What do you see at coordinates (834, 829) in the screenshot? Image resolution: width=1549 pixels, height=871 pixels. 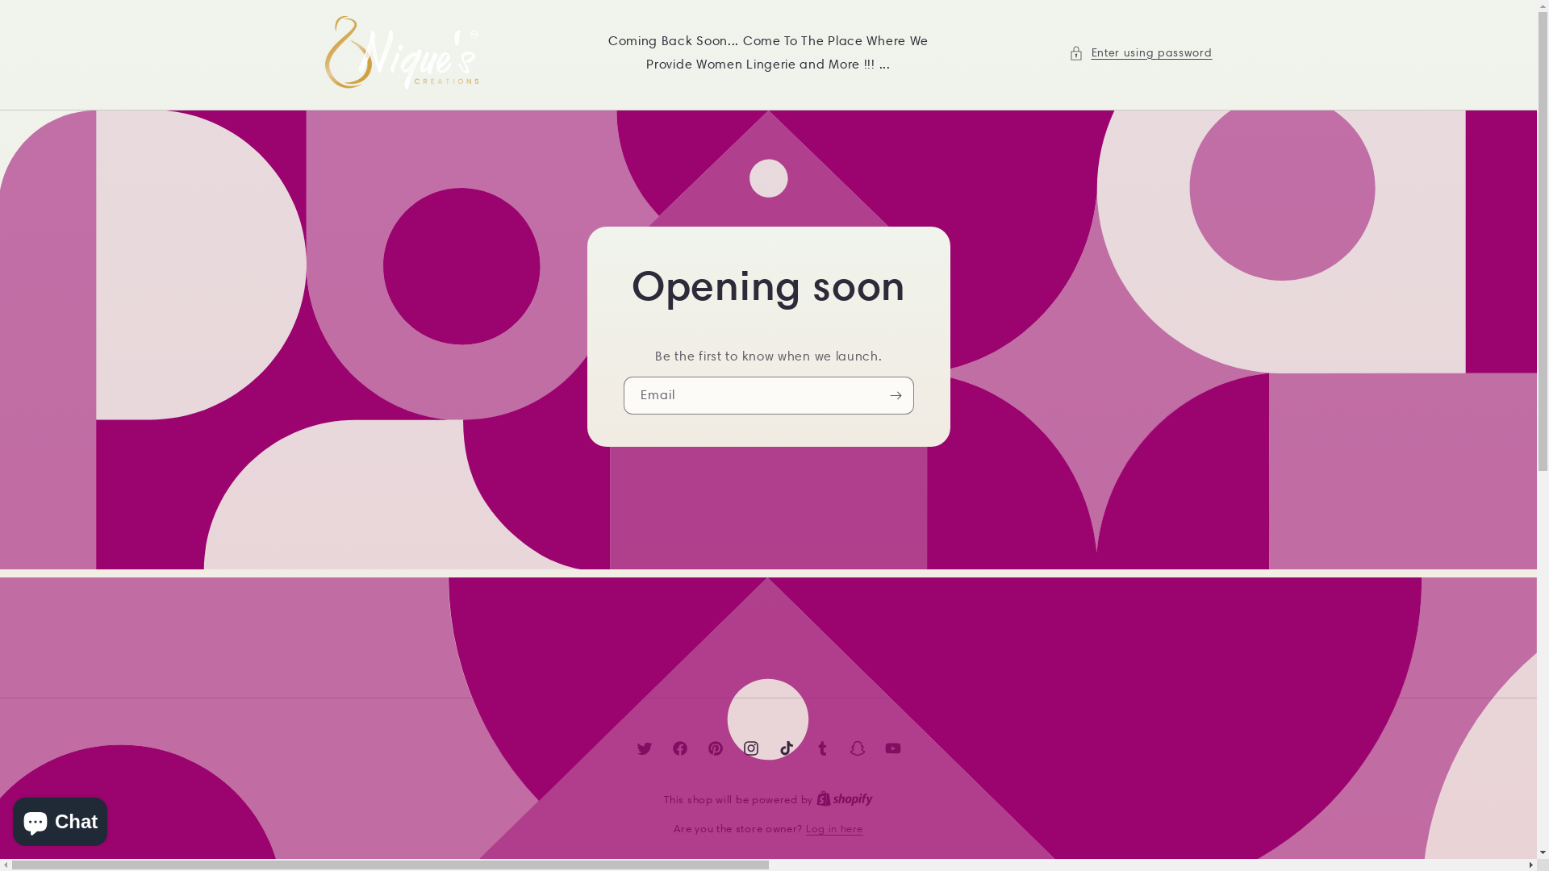 I see `'Log in here'` at bounding box center [834, 829].